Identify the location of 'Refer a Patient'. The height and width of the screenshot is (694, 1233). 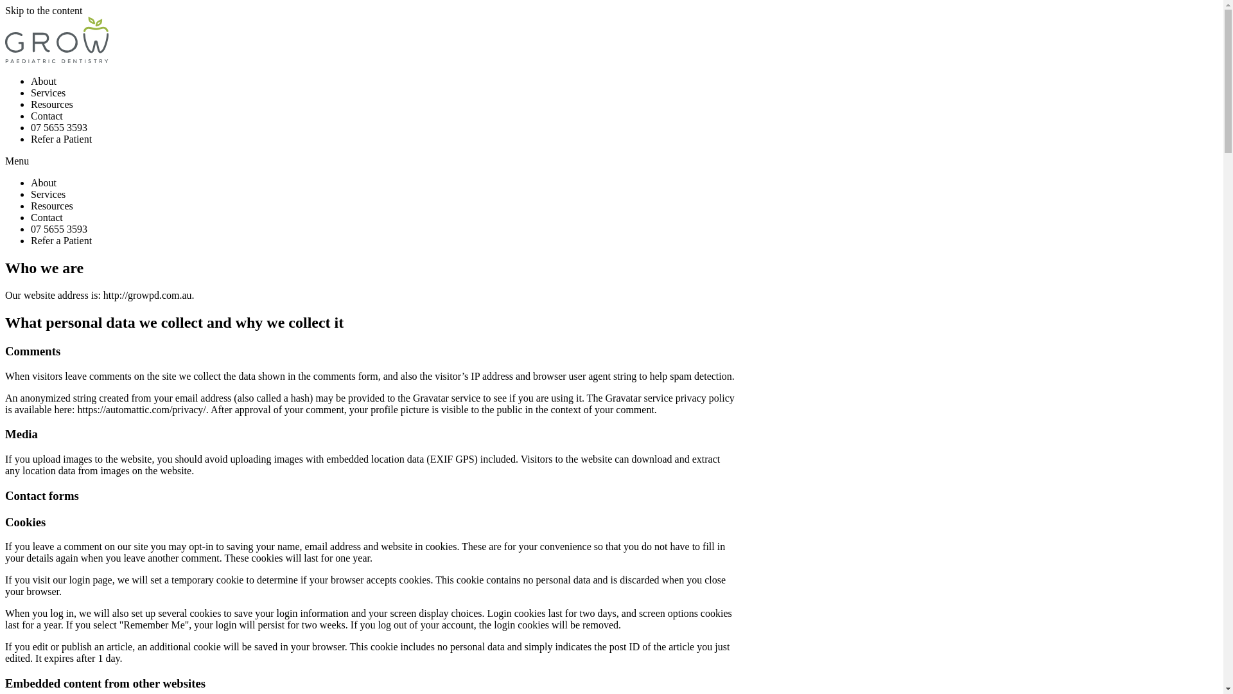
(31, 240).